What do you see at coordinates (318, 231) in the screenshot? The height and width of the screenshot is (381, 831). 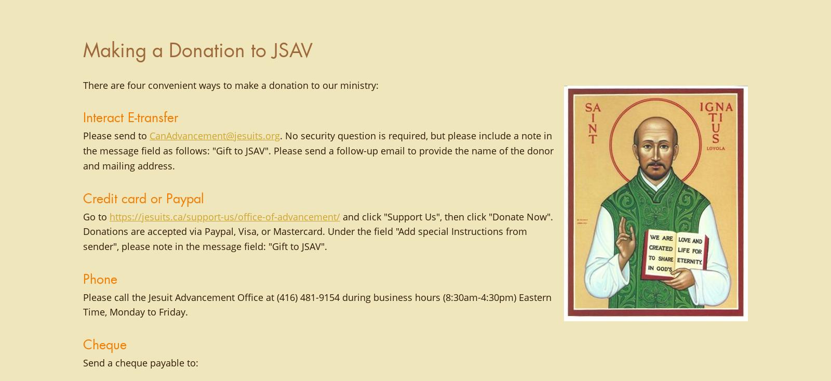 I see `'and click "Support Us", then click "Donate Now". Donations are accepted via Paypal, Visa, or Mastercard. Under the field "Add special Instructions from sender", please note in the message field: "Gift to JSAV".'` at bounding box center [318, 231].